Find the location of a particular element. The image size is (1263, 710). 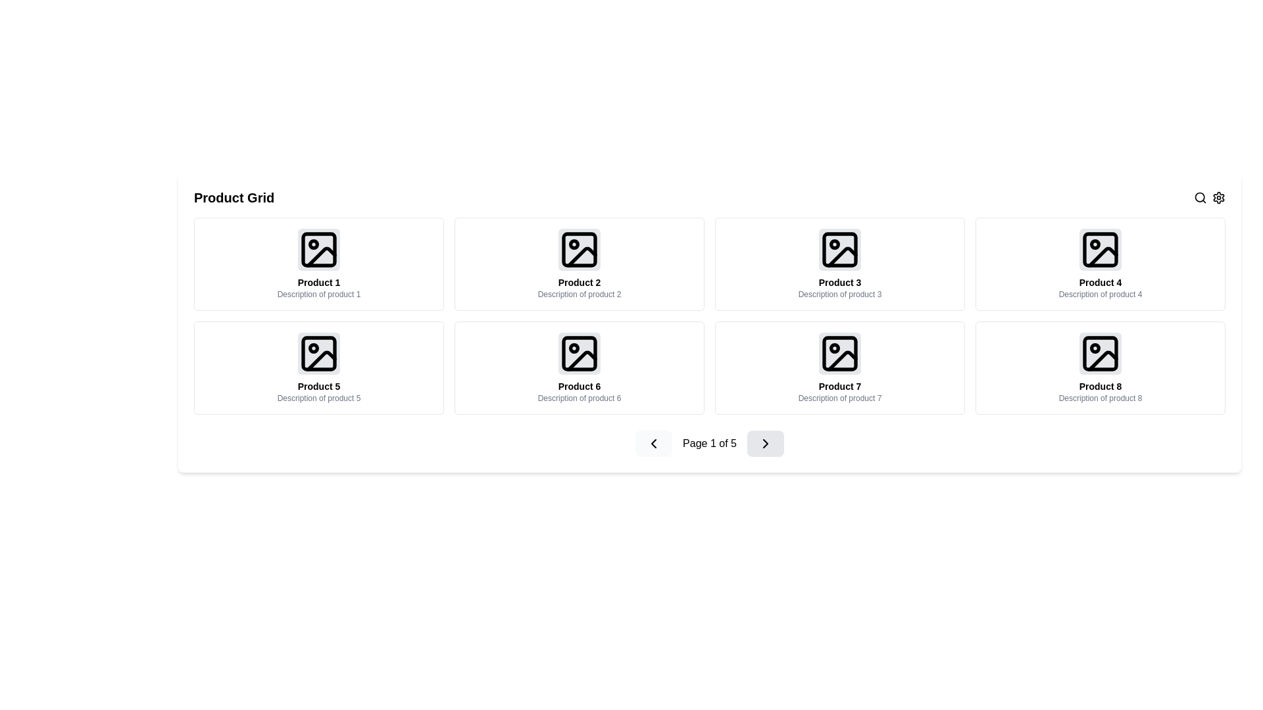

SVG rectangle element representing the photo placeholder for 'Product 7' located in the second row and third column of the grid layout, to check its dimensions or styling is located at coordinates (839, 352).